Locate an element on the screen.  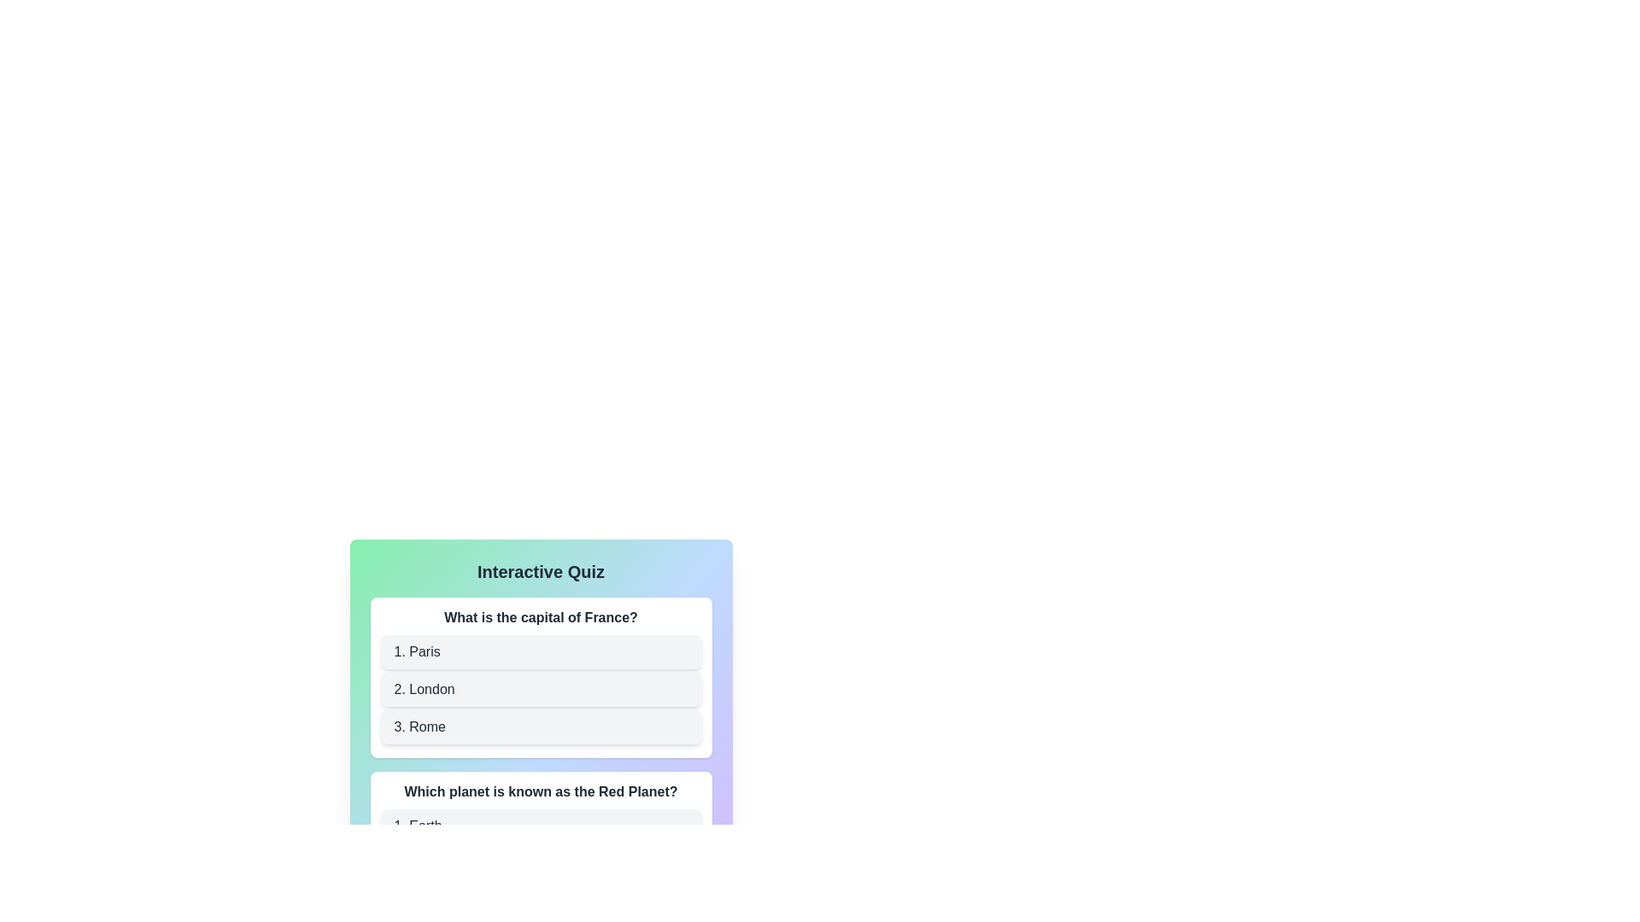
the third option button in the quiz is located at coordinates (540, 727).